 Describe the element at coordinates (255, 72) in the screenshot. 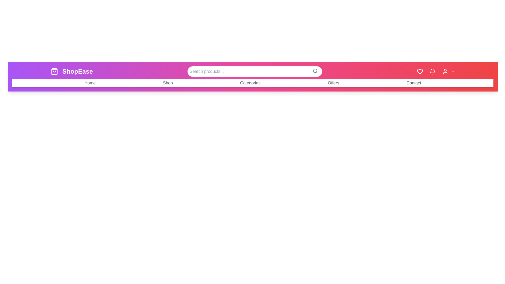

I see `the search bar and type the desired query` at that location.